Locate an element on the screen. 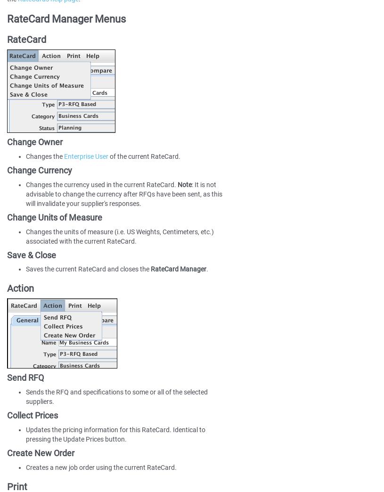  'Action' is located at coordinates (20, 288).